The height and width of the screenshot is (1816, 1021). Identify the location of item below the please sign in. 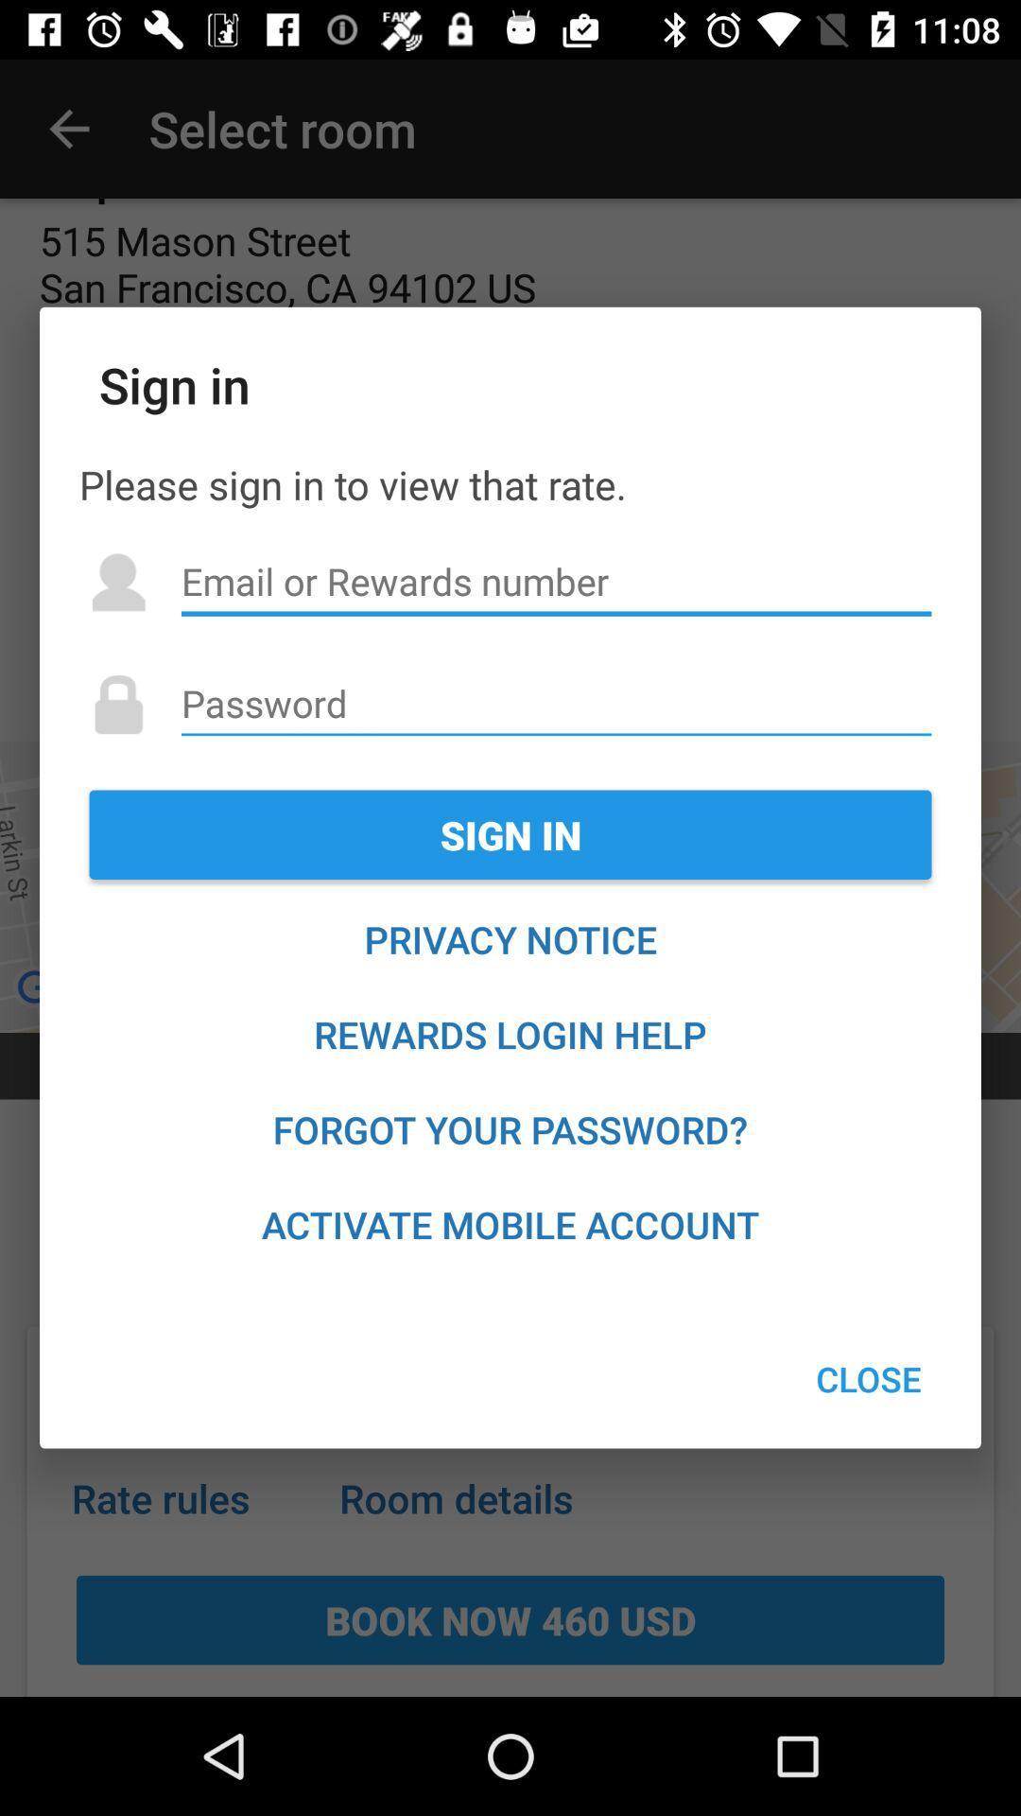
(555, 581).